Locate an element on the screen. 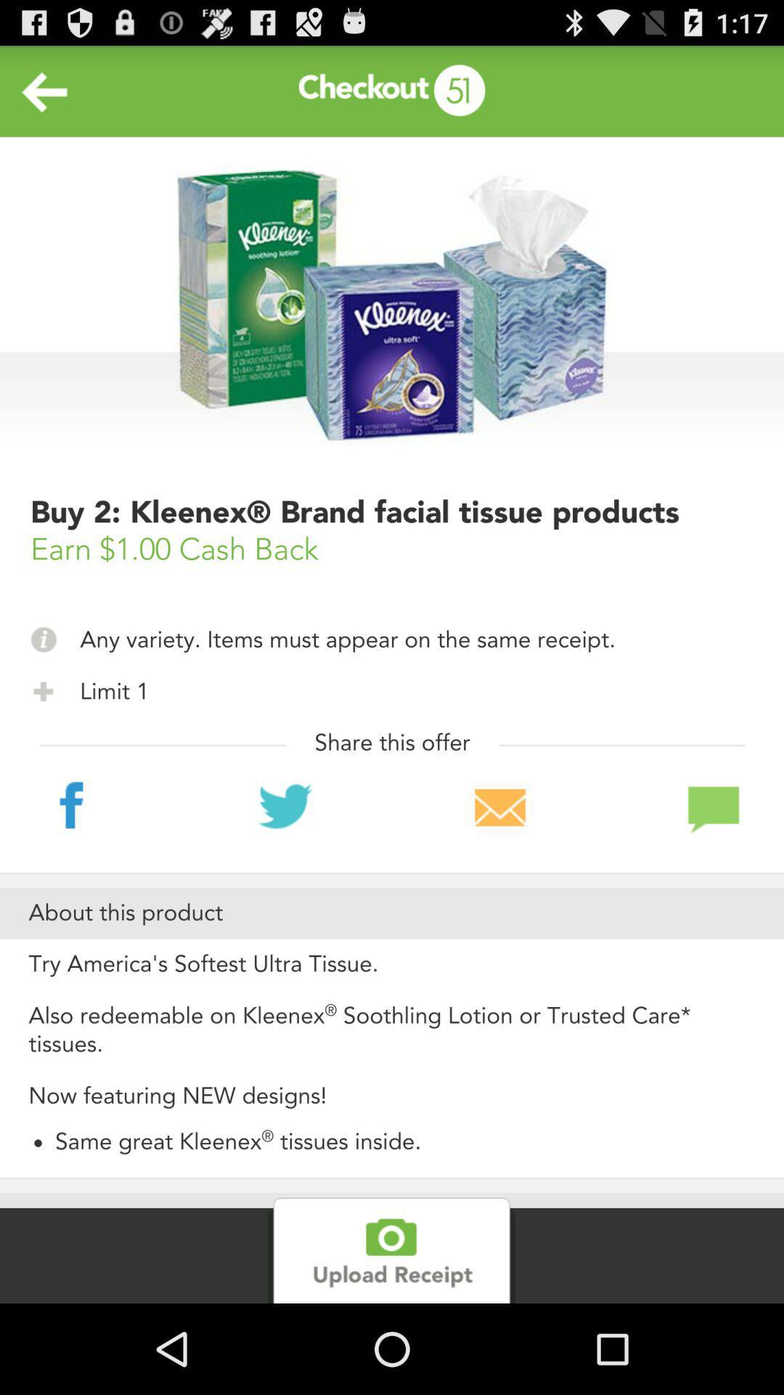 The image size is (784, 1395). the arrow_backward icon is located at coordinates (44, 97).